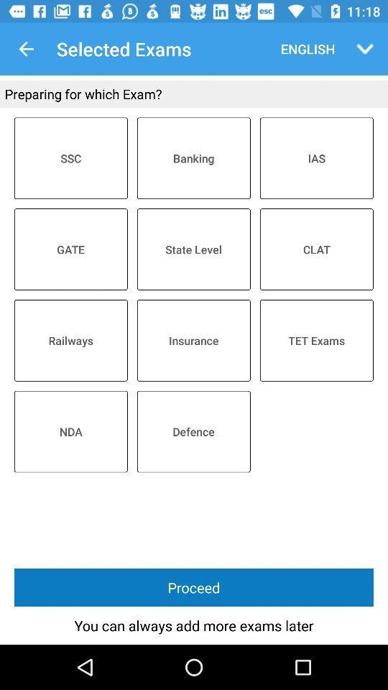 This screenshot has width=388, height=690. What do you see at coordinates (304, 49) in the screenshot?
I see `item next to selected exams` at bounding box center [304, 49].